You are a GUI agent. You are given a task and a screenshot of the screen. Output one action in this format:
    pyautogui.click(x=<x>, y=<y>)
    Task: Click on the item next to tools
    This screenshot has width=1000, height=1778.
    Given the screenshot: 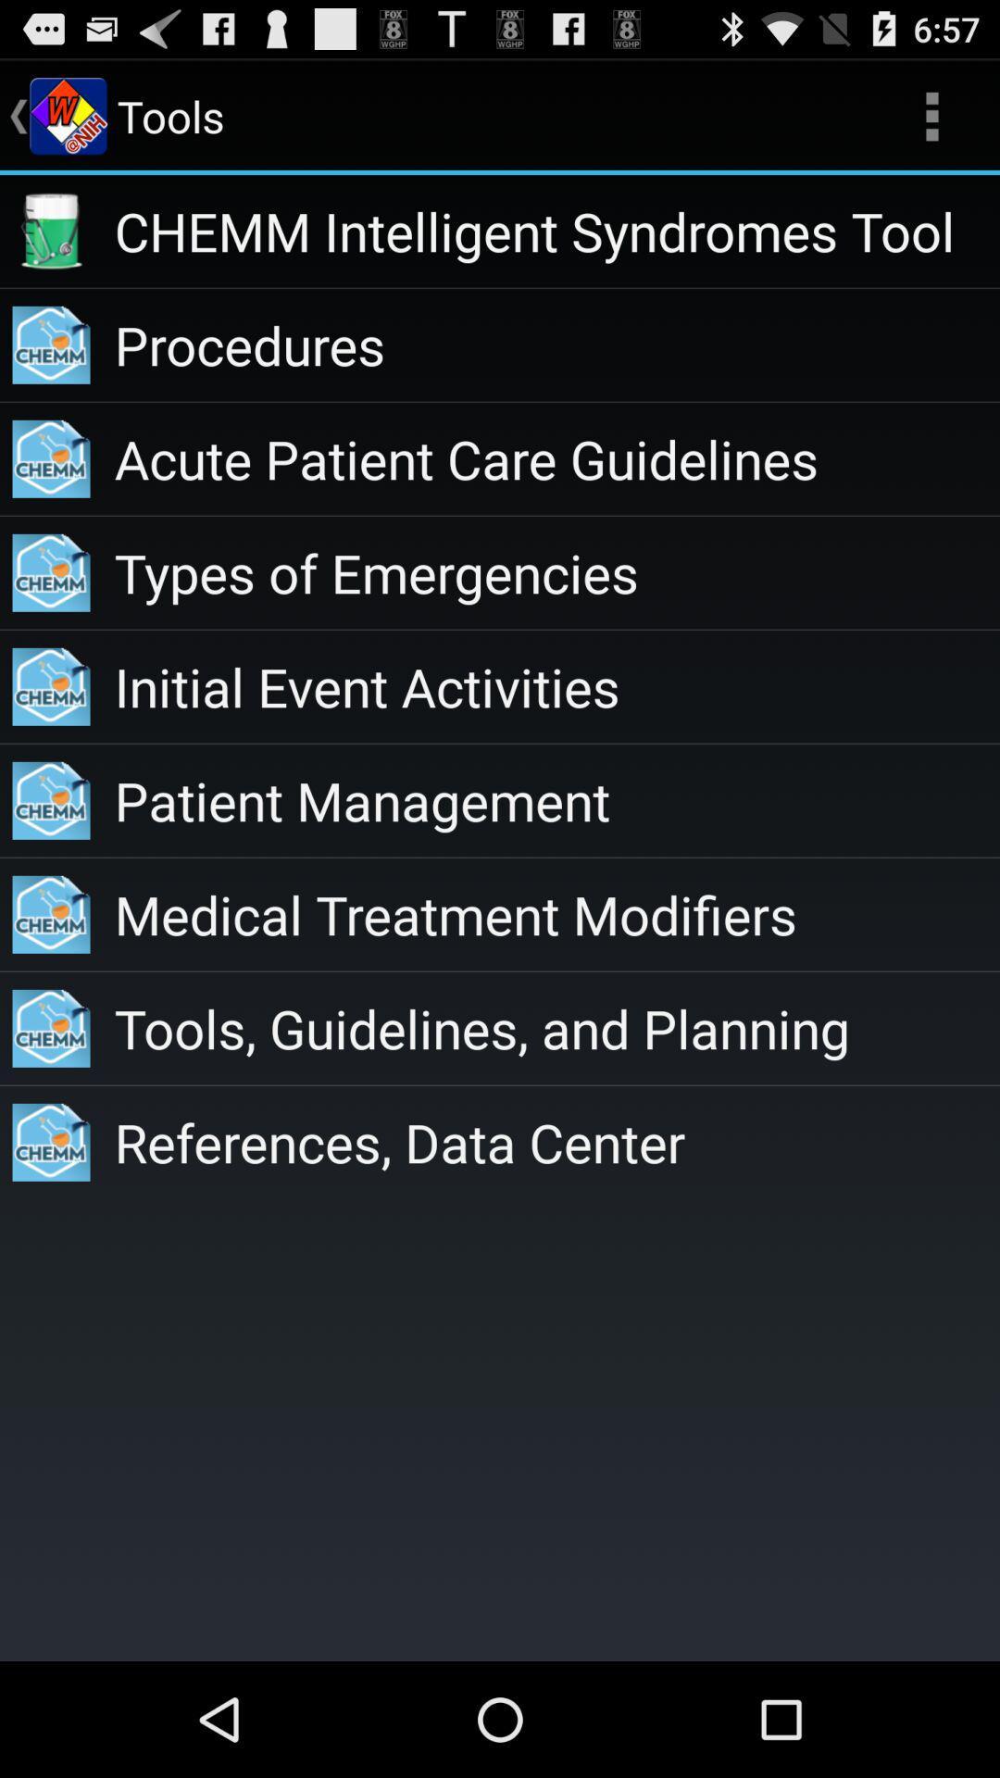 What is the action you would take?
    pyautogui.click(x=931, y=115)
    